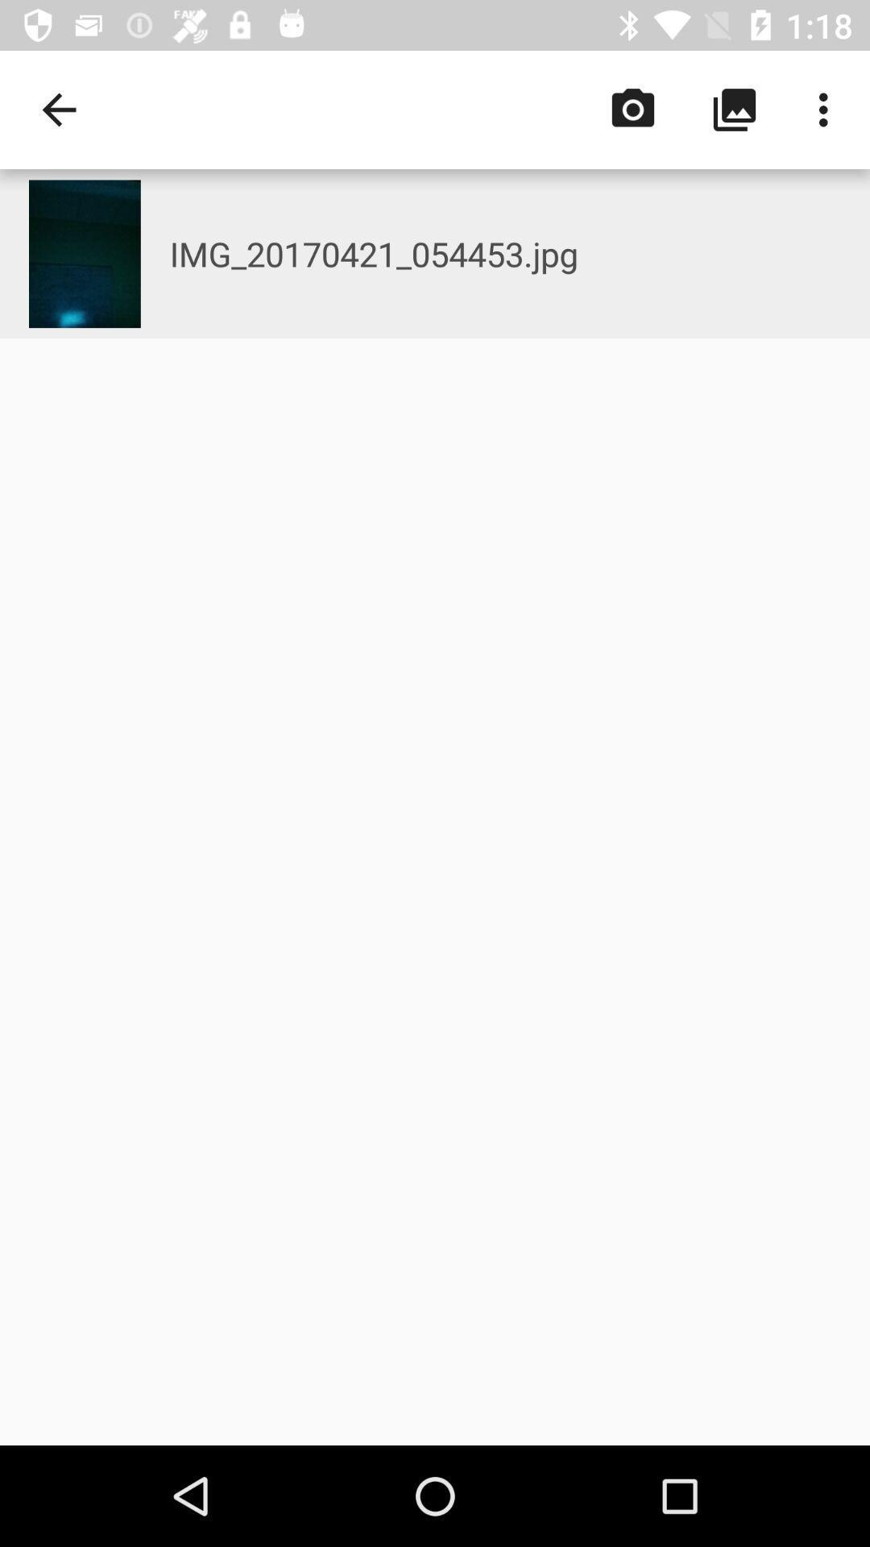 Image resolution: width=870 pixels, height=1547 pixels. I want to click on the item to the left of the img_20170421_054453.jpg icon, so click(85, 253).